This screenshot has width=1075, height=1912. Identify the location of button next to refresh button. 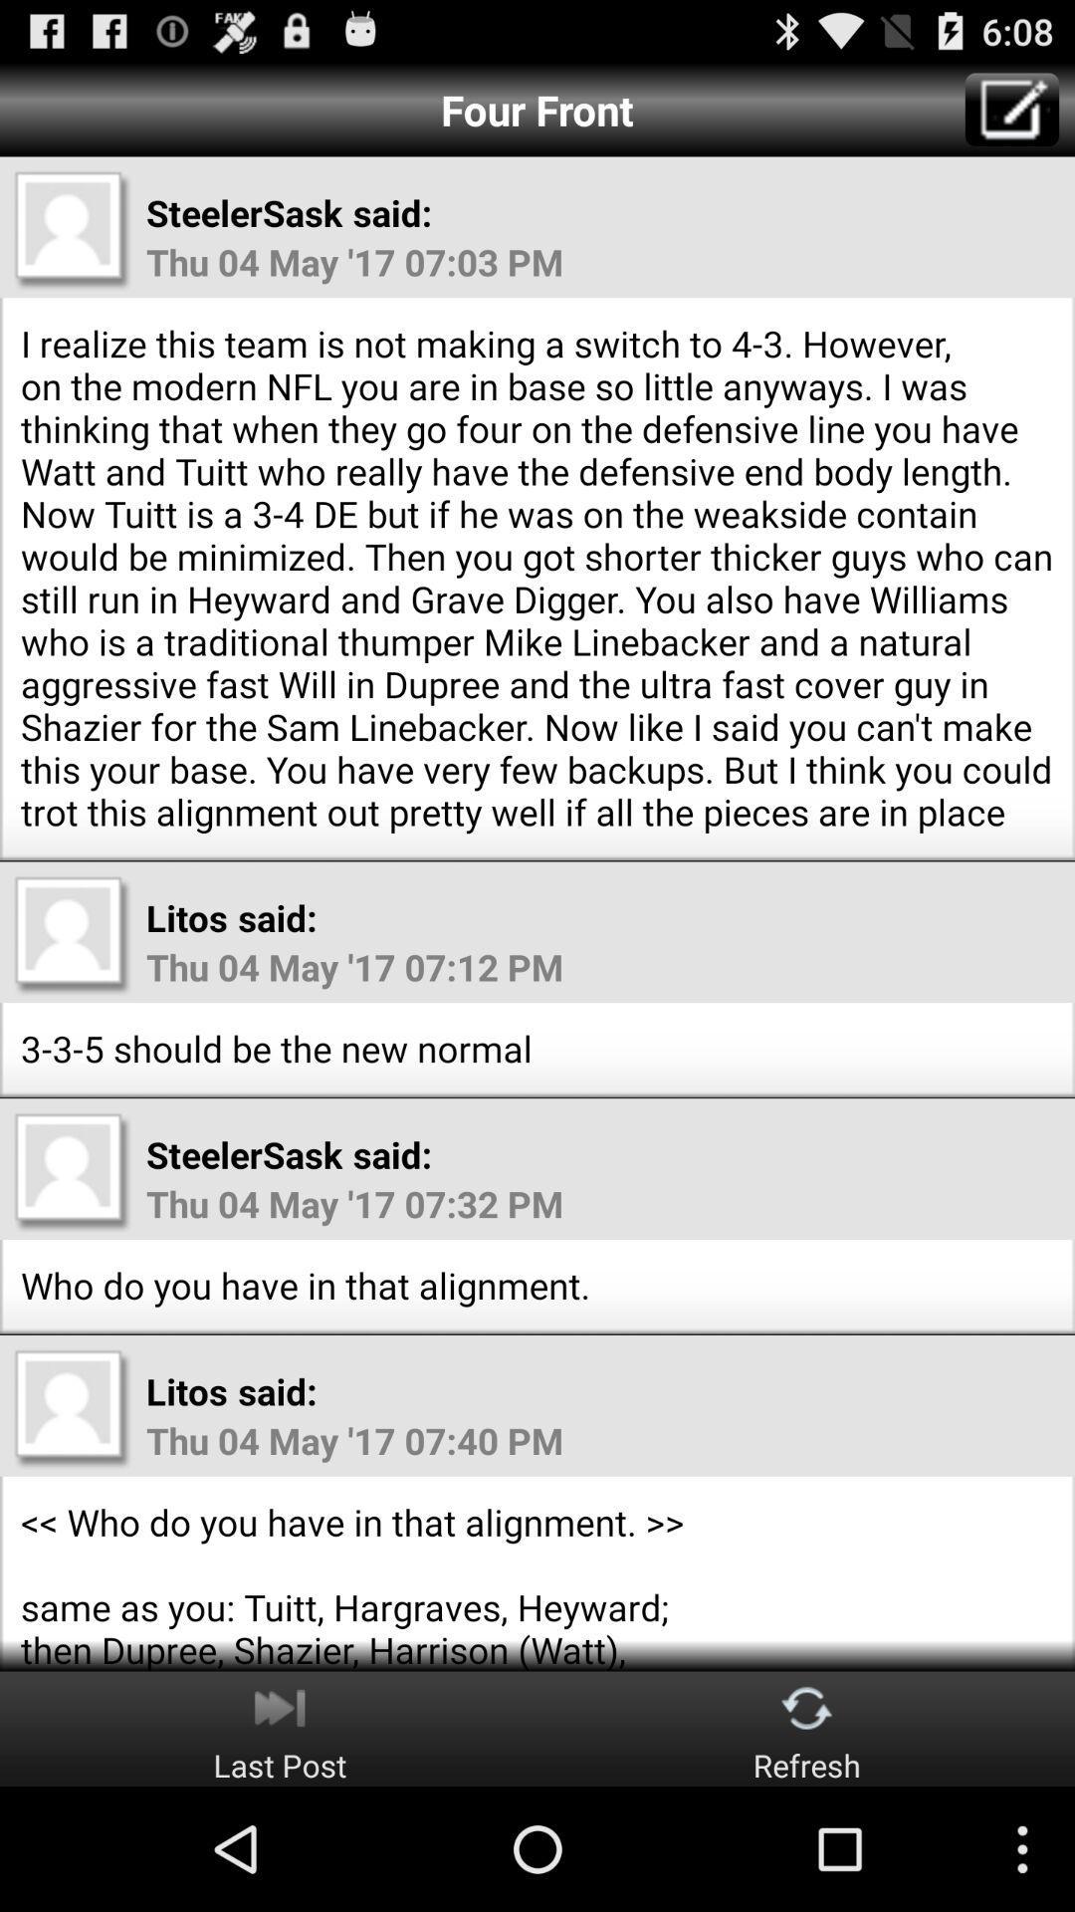
(280, 1728).